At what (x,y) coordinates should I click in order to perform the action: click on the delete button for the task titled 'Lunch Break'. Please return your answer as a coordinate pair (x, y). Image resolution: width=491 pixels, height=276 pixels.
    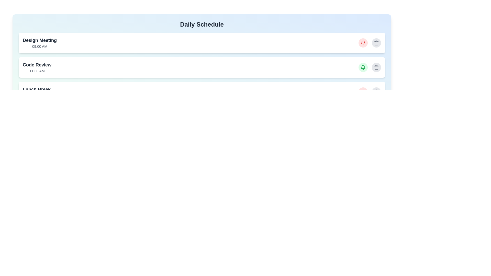
    Looking at the image, I should click on (376, 91).